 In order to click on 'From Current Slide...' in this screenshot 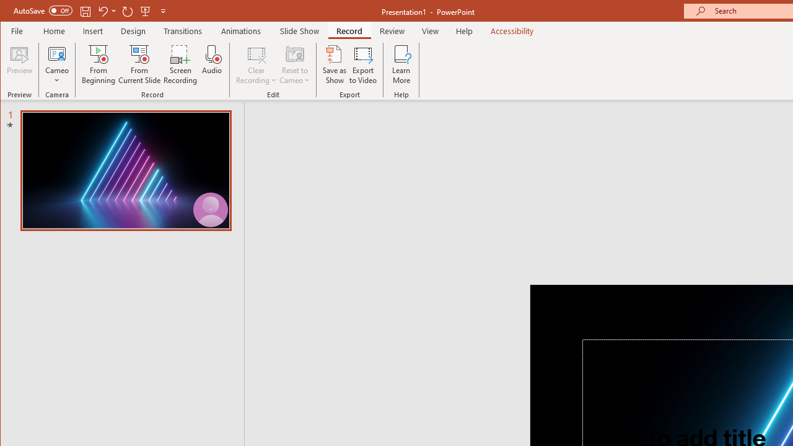, I will do `click(139, 64)`.